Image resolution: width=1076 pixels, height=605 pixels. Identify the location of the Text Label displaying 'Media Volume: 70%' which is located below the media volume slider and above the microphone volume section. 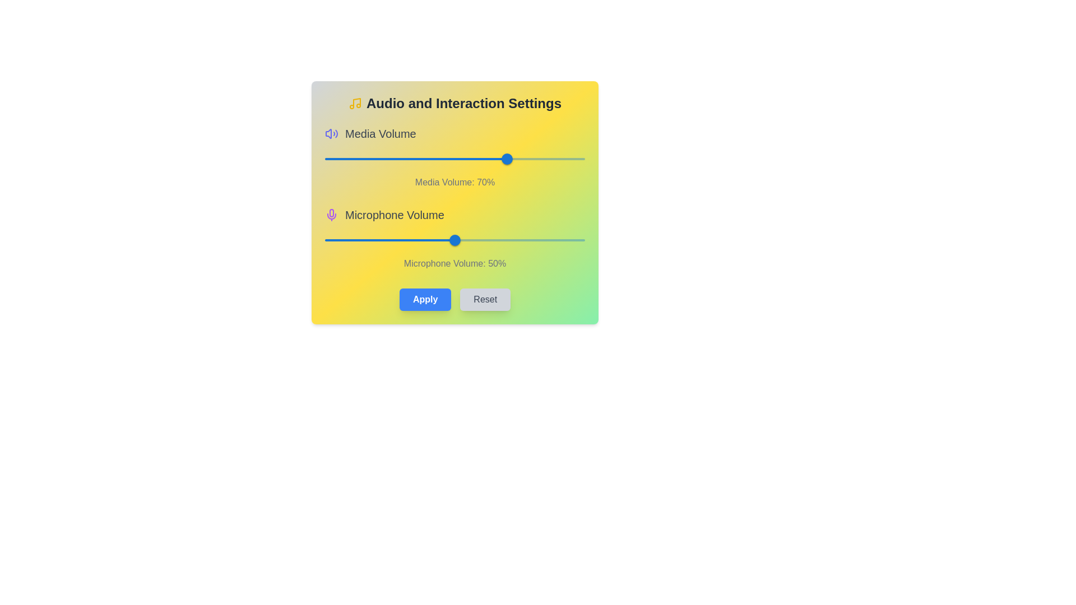
(454, 182).